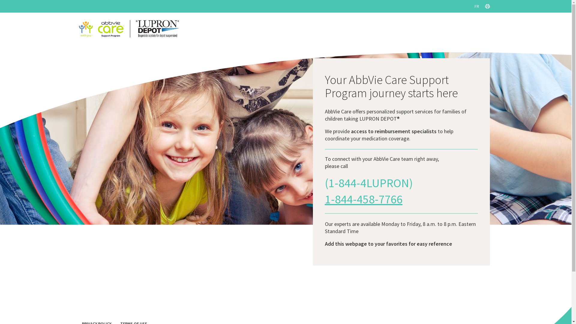 This screenshot has width=576, height=324. I want to click on 'PRINT THIS PAGE', so click(487, 6).